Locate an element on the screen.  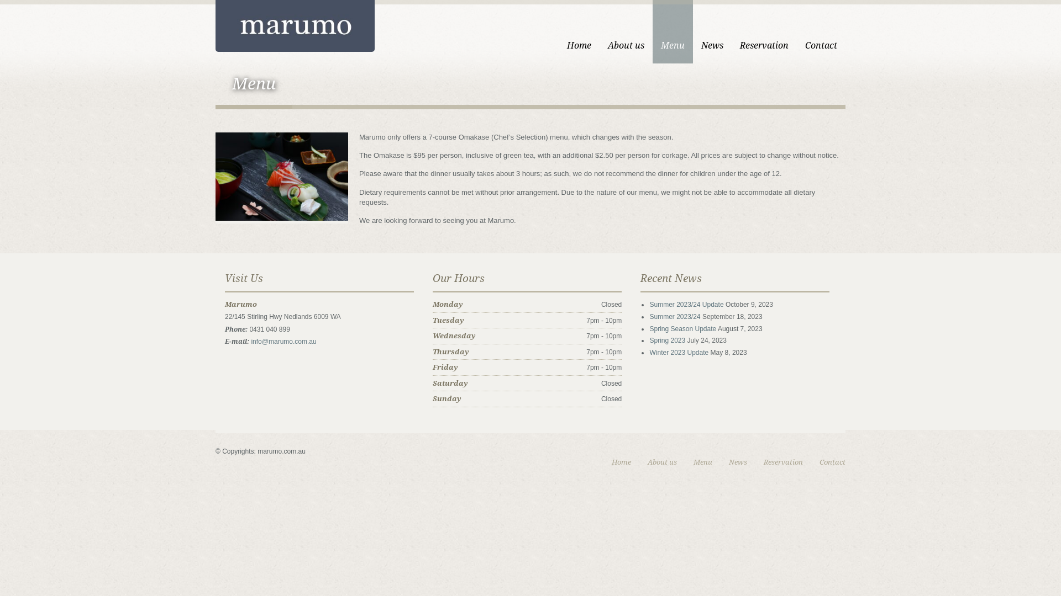
'News' is located at coordinates (738, 462).